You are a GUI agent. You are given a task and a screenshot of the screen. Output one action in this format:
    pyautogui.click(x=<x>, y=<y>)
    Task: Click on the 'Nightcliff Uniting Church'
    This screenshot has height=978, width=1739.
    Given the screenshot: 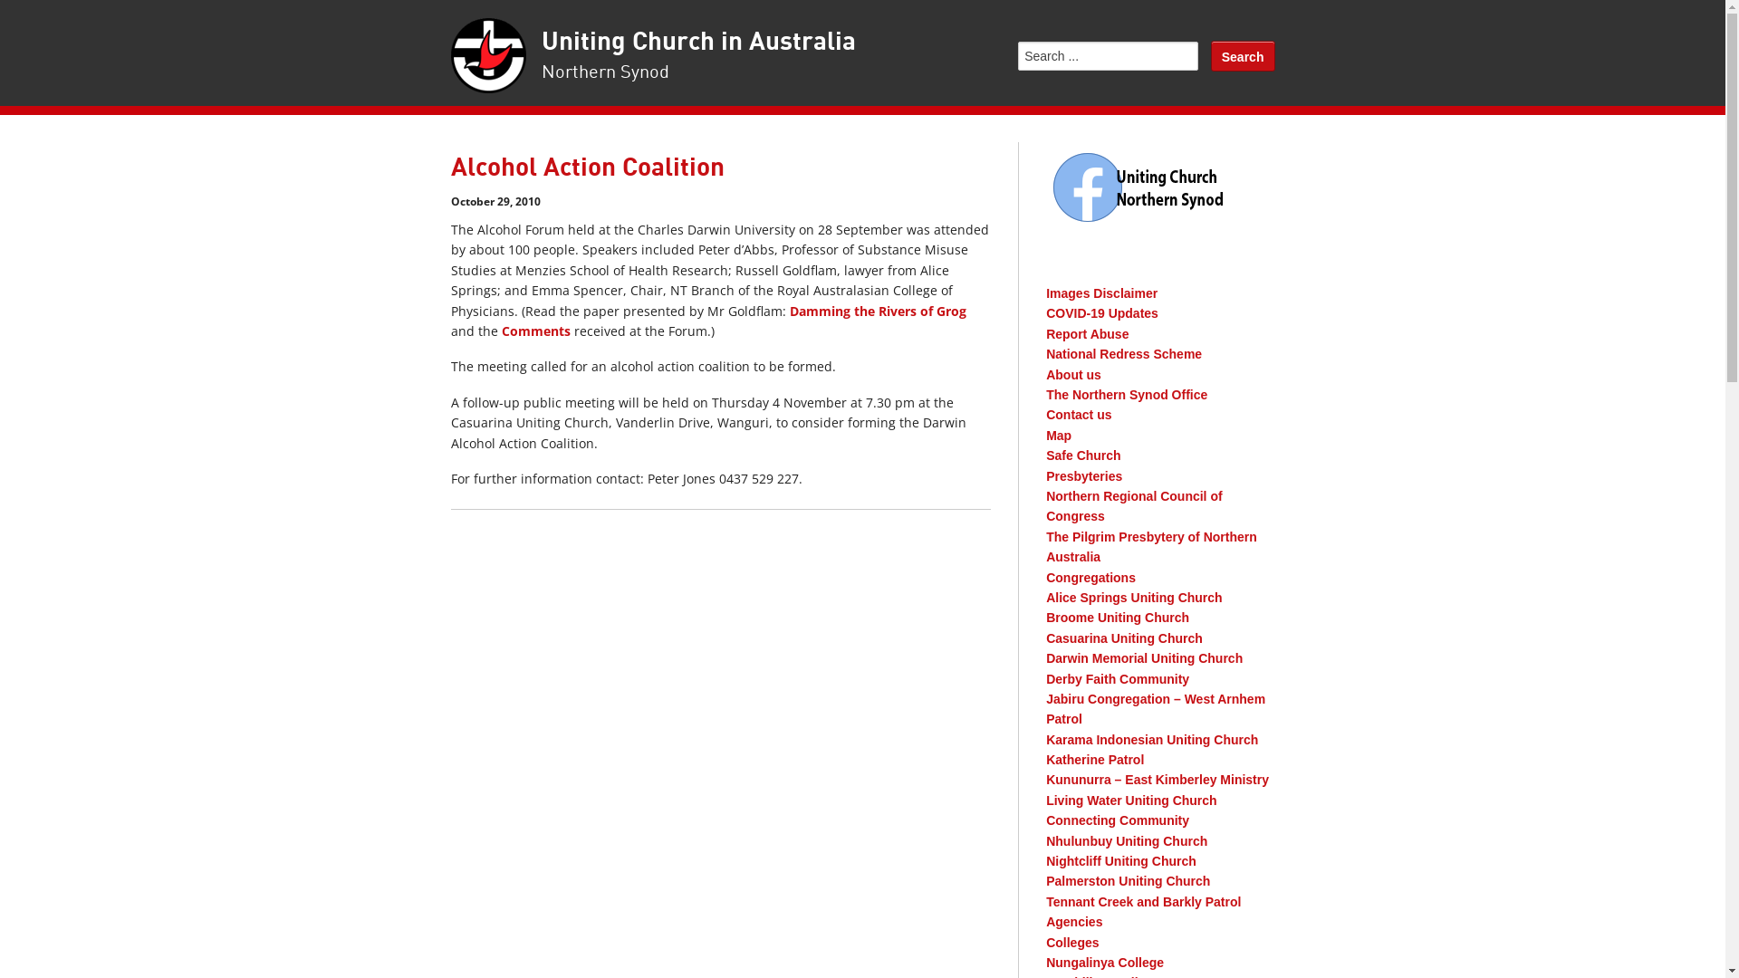 What is the action you would take?
    pyautogui.click(x=1120, y=860)
    